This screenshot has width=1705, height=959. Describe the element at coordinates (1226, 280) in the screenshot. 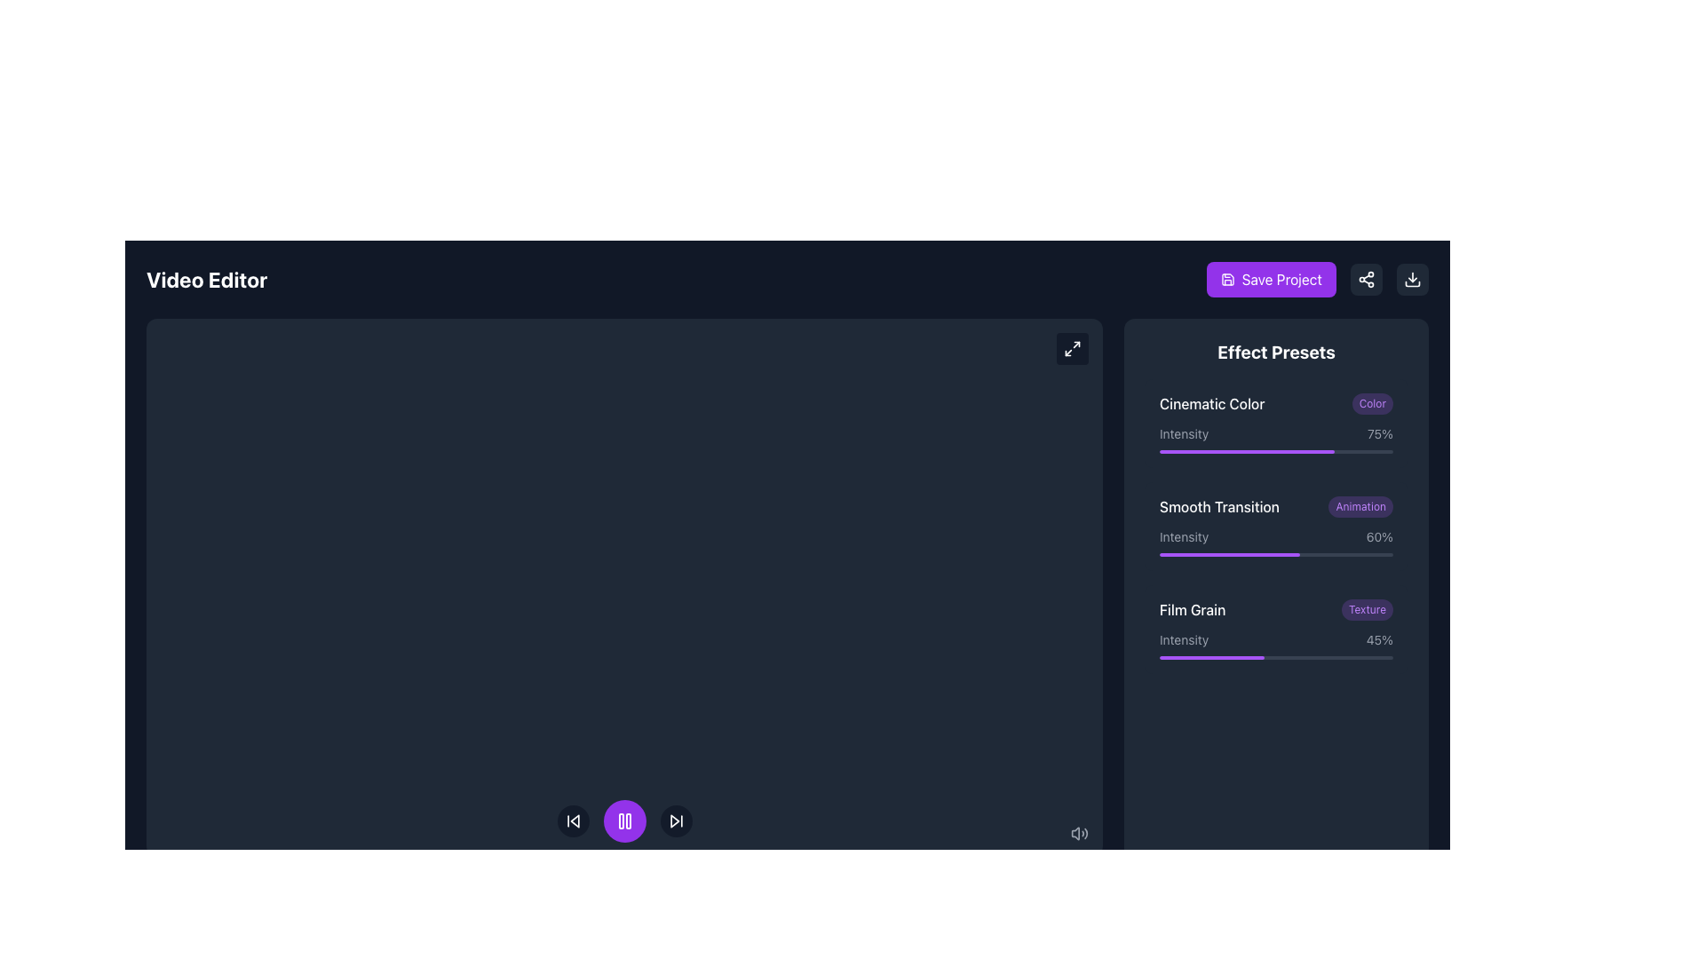

I see `the save icon, which is represented by a floppy disk image located in the top right corner of the interface, next to the share icon and to the left of the 'Save Project' text button` at that location.